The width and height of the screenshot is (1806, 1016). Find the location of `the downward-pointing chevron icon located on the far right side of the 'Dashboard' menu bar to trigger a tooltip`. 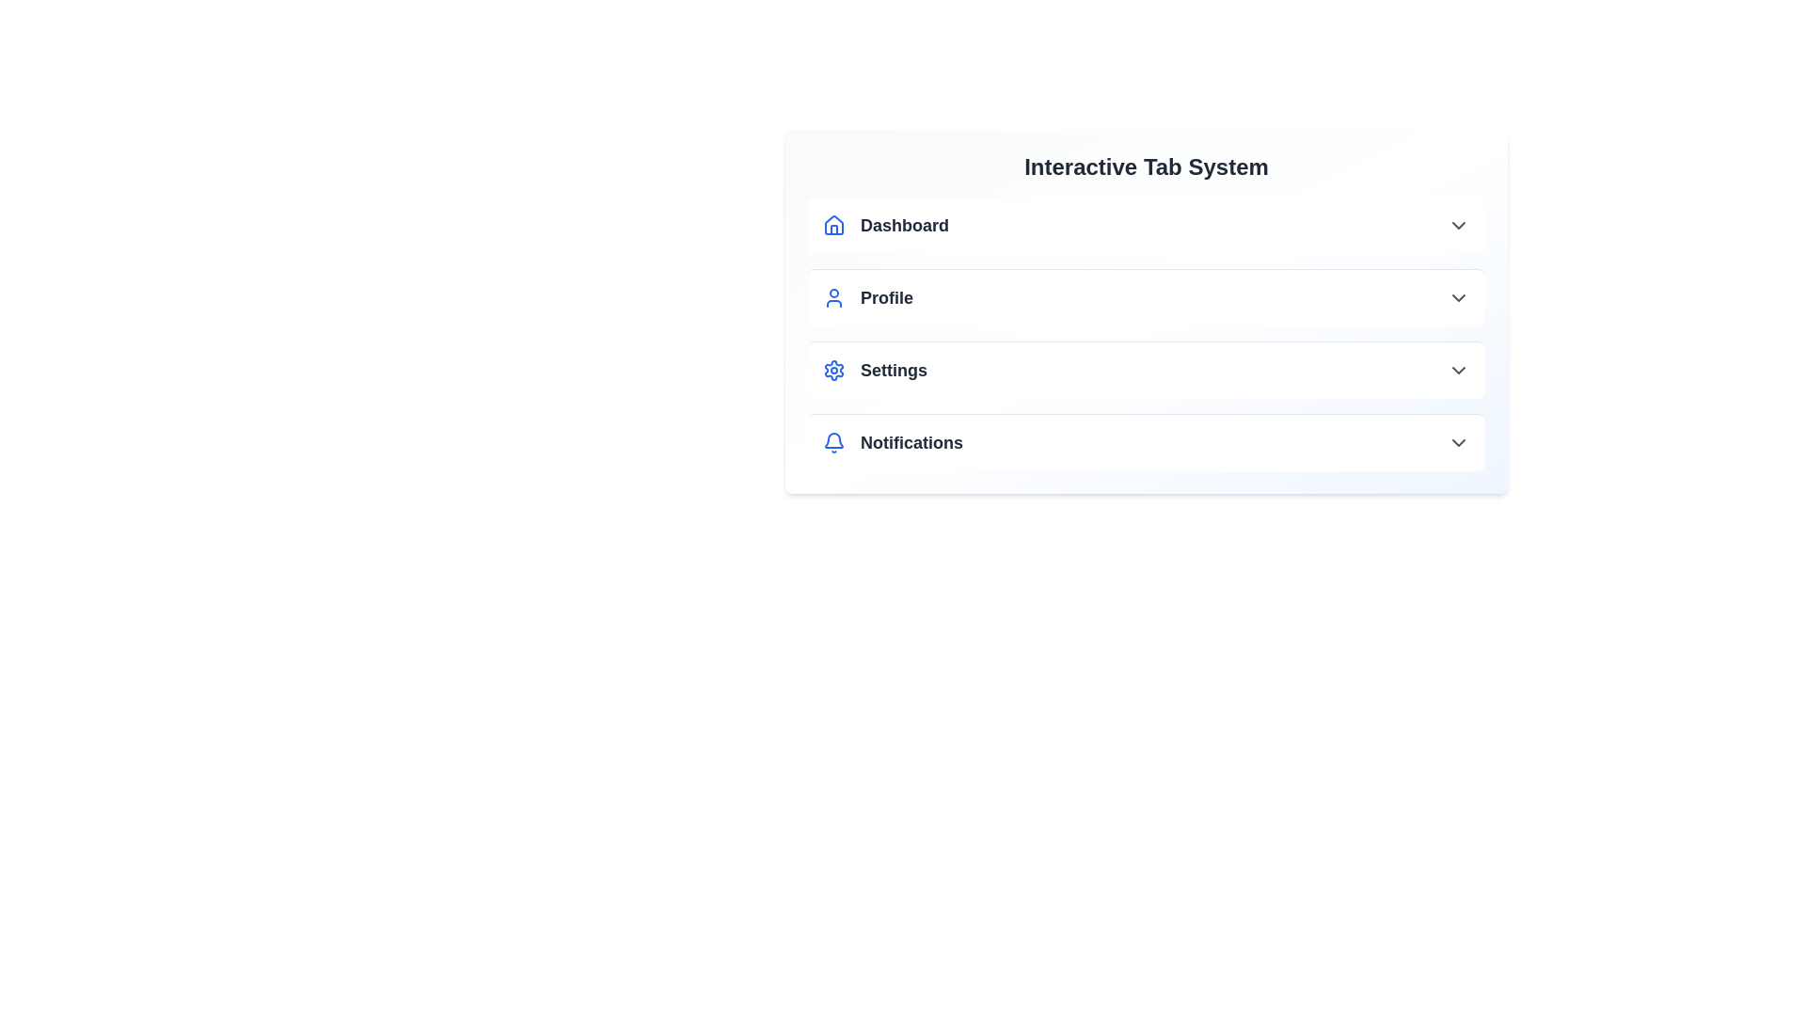

the downward-pointing chevron icon located on the far right side of the 'Dashboard' menu bar to trigger a tooltip is located at coordinates (1457, 224).